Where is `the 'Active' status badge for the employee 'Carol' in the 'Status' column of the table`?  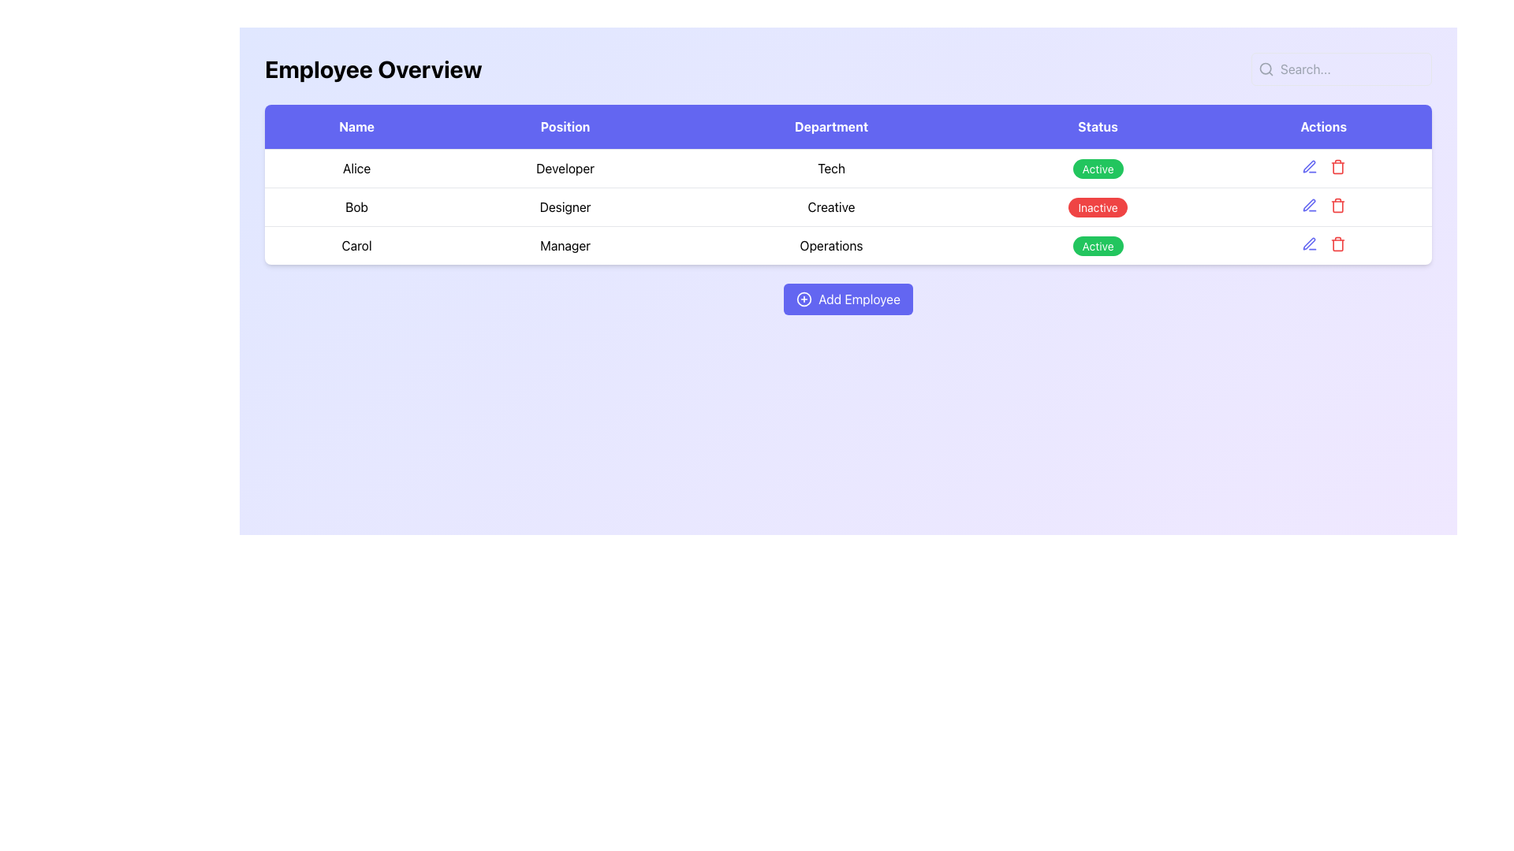 the 'Active' status badge for the employee 'Carol' in the 'Status' column of the table is located at coordinates (1097, 245).